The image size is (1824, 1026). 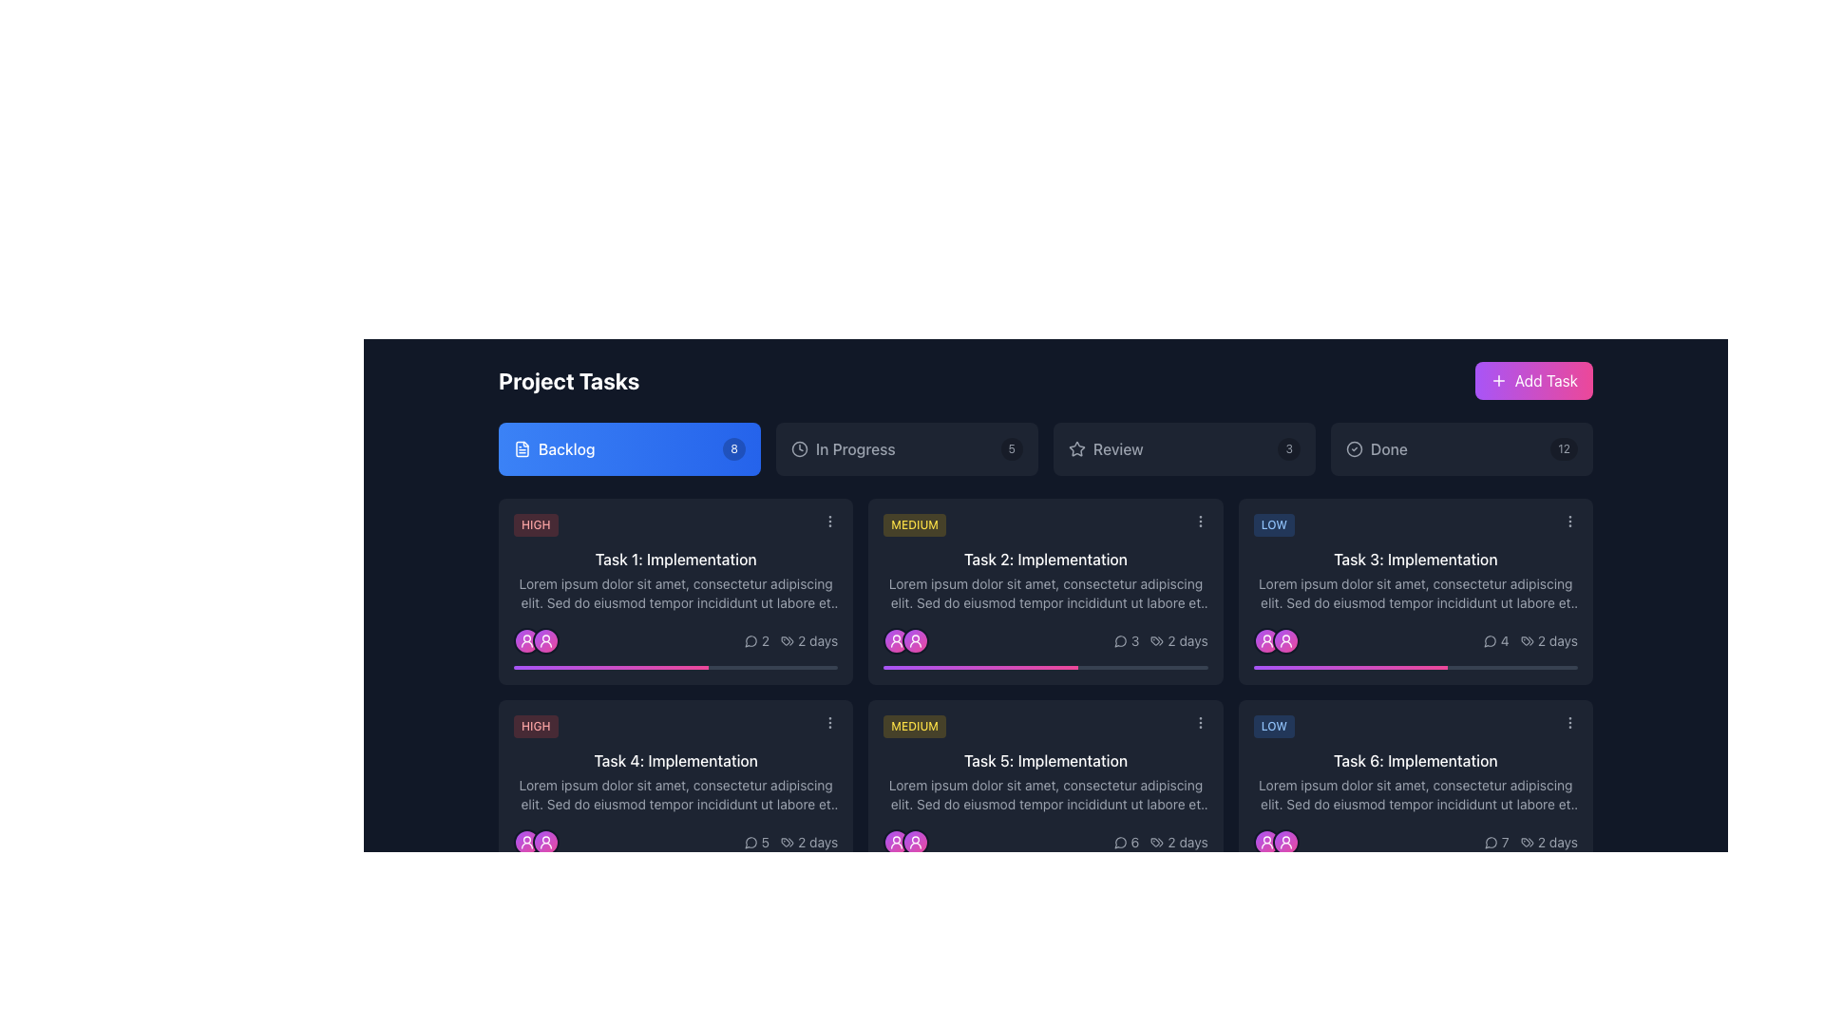 I want to click on and interpret the displayed number '5' from the text label, which is positioned to the right of a speech bubble icon in the Backlog column, so click(x=765, y=842).